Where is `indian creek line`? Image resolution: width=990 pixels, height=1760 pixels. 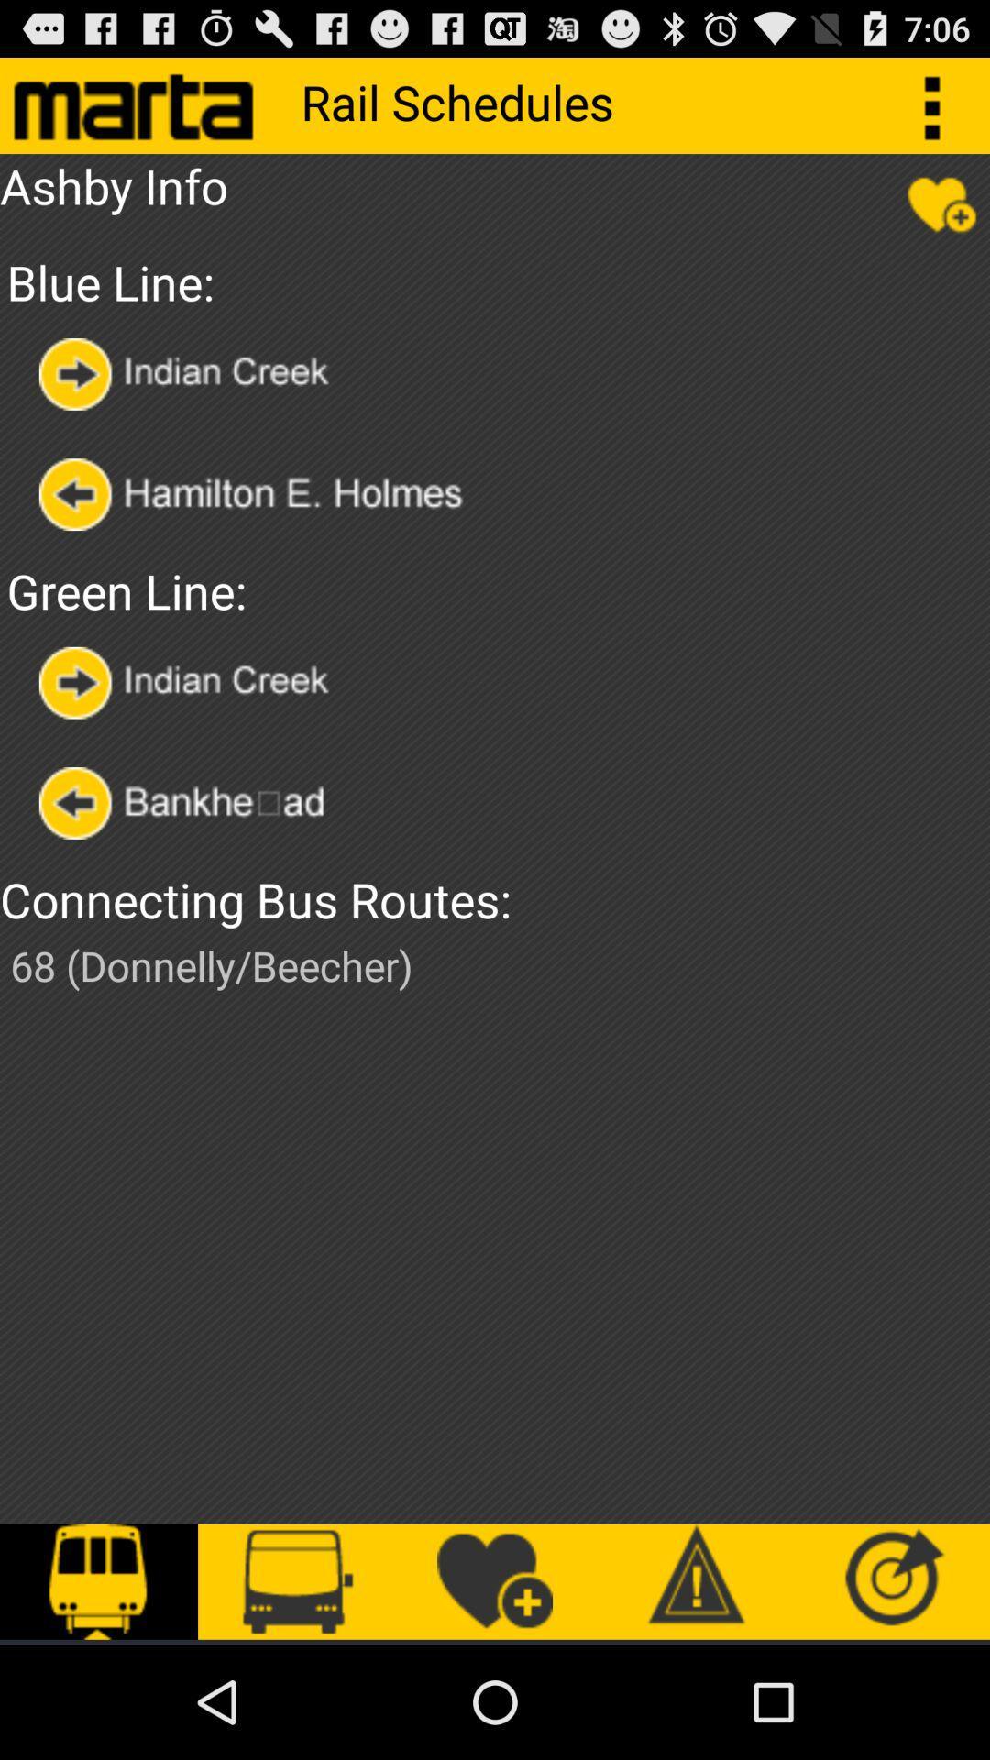
indian creek line is located at coordinates (190, 373).